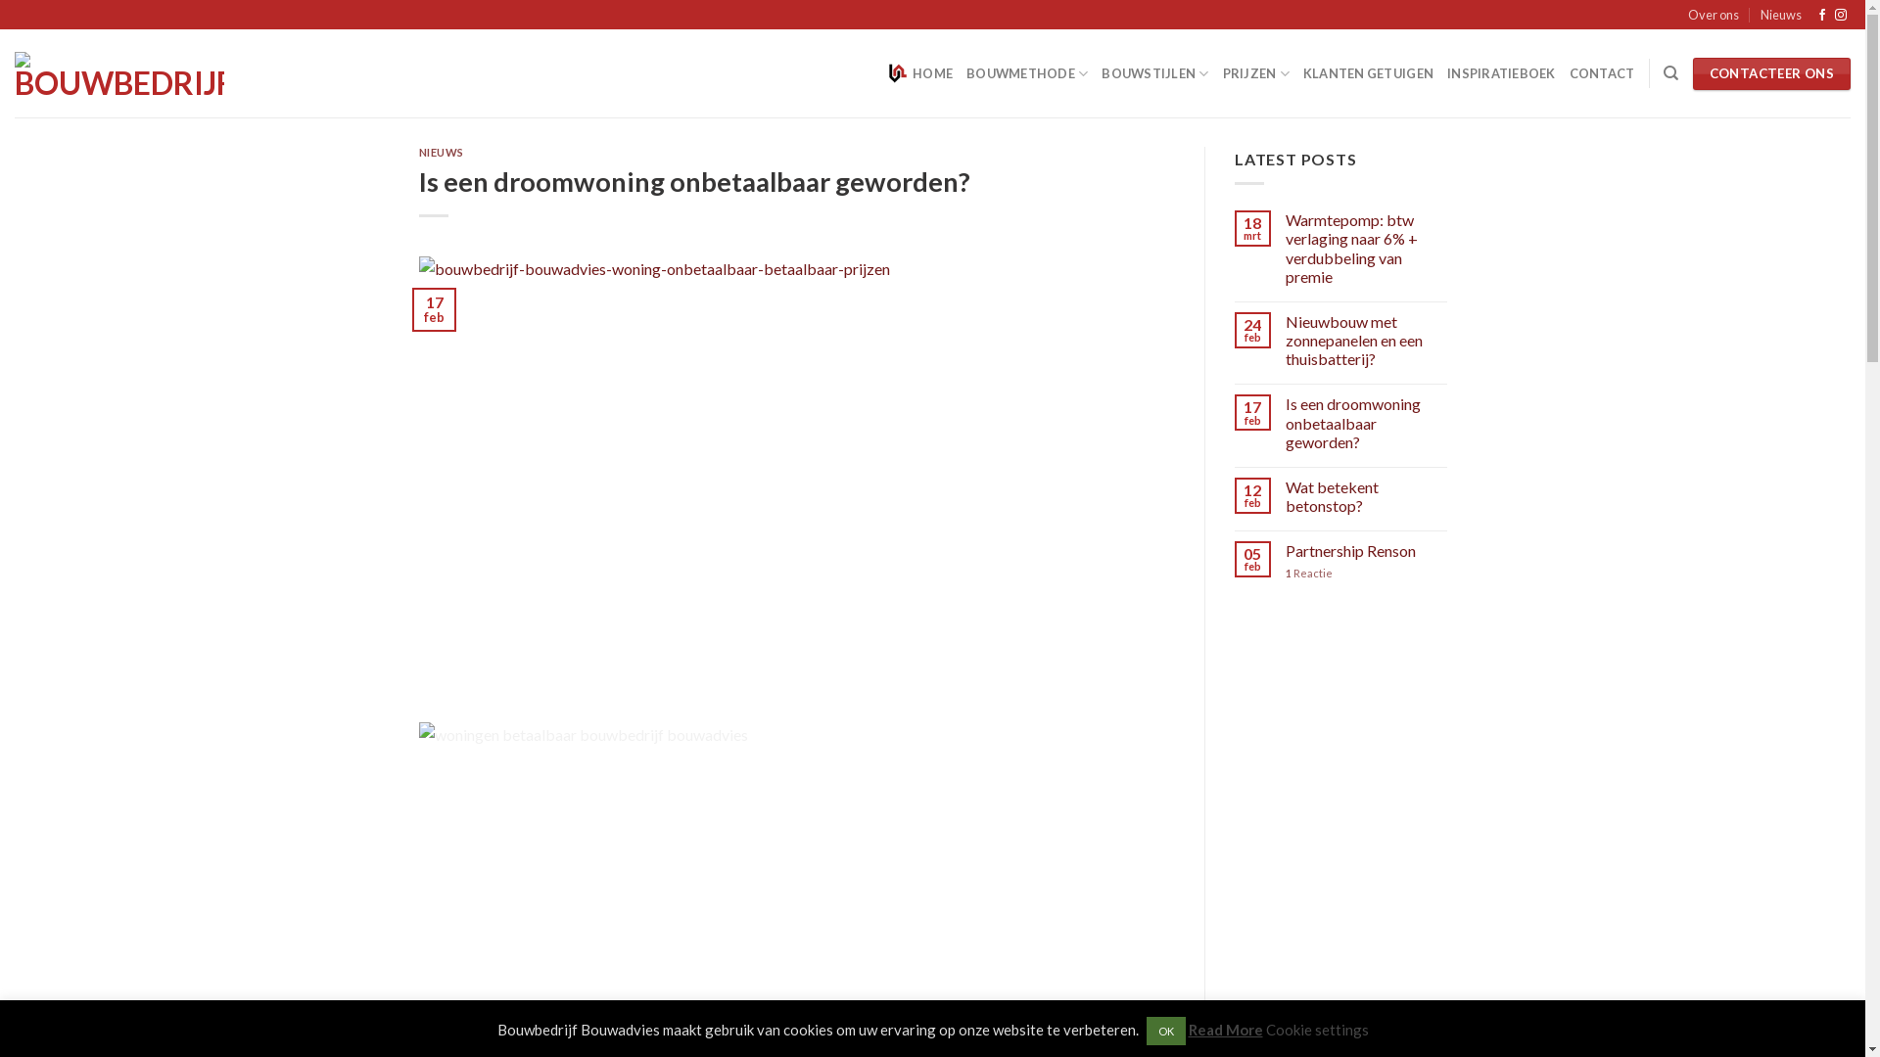 Image resolution: width=1880 pixels, height=1057 pixels. Describe the element at coordinates (1686, 15) in the screenshot. I see `'Over ons'` at that location.